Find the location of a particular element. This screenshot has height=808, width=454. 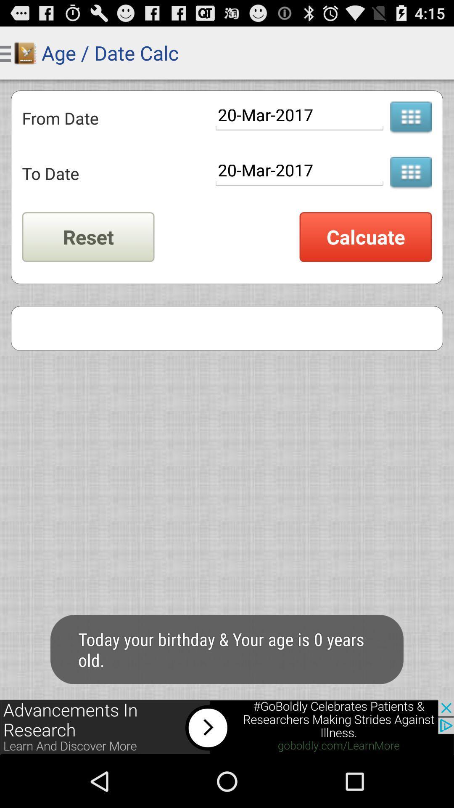

information on over 30,000+ brand name and 2000+ generic drugs is located at coordinates (410, 173).